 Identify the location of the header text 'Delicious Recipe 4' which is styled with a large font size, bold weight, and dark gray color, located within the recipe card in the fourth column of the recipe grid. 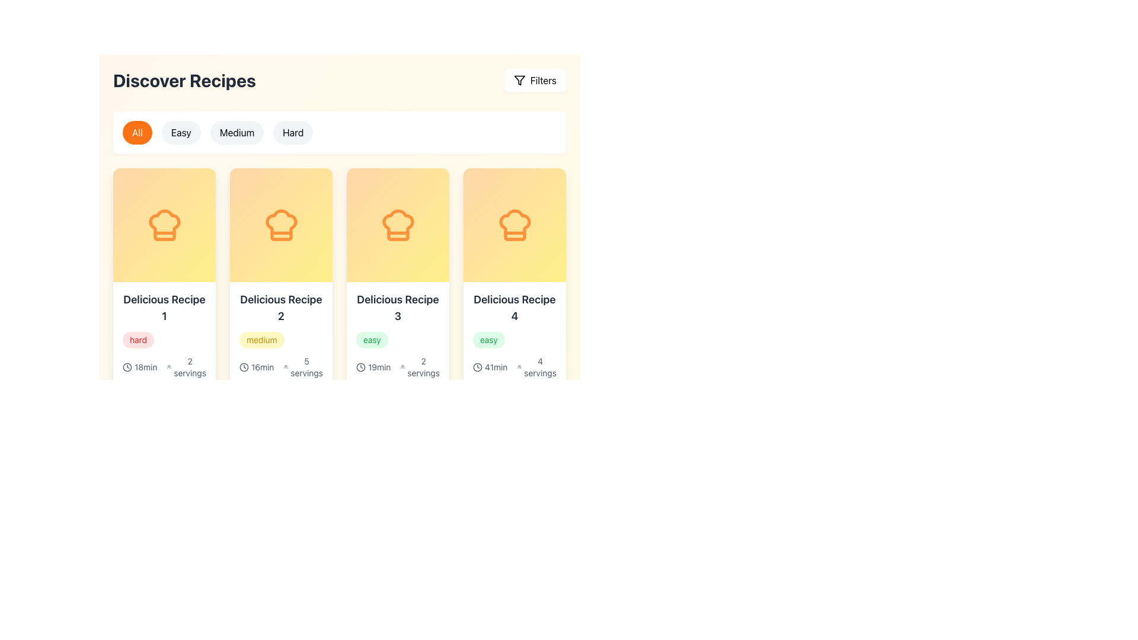
(514, 308).